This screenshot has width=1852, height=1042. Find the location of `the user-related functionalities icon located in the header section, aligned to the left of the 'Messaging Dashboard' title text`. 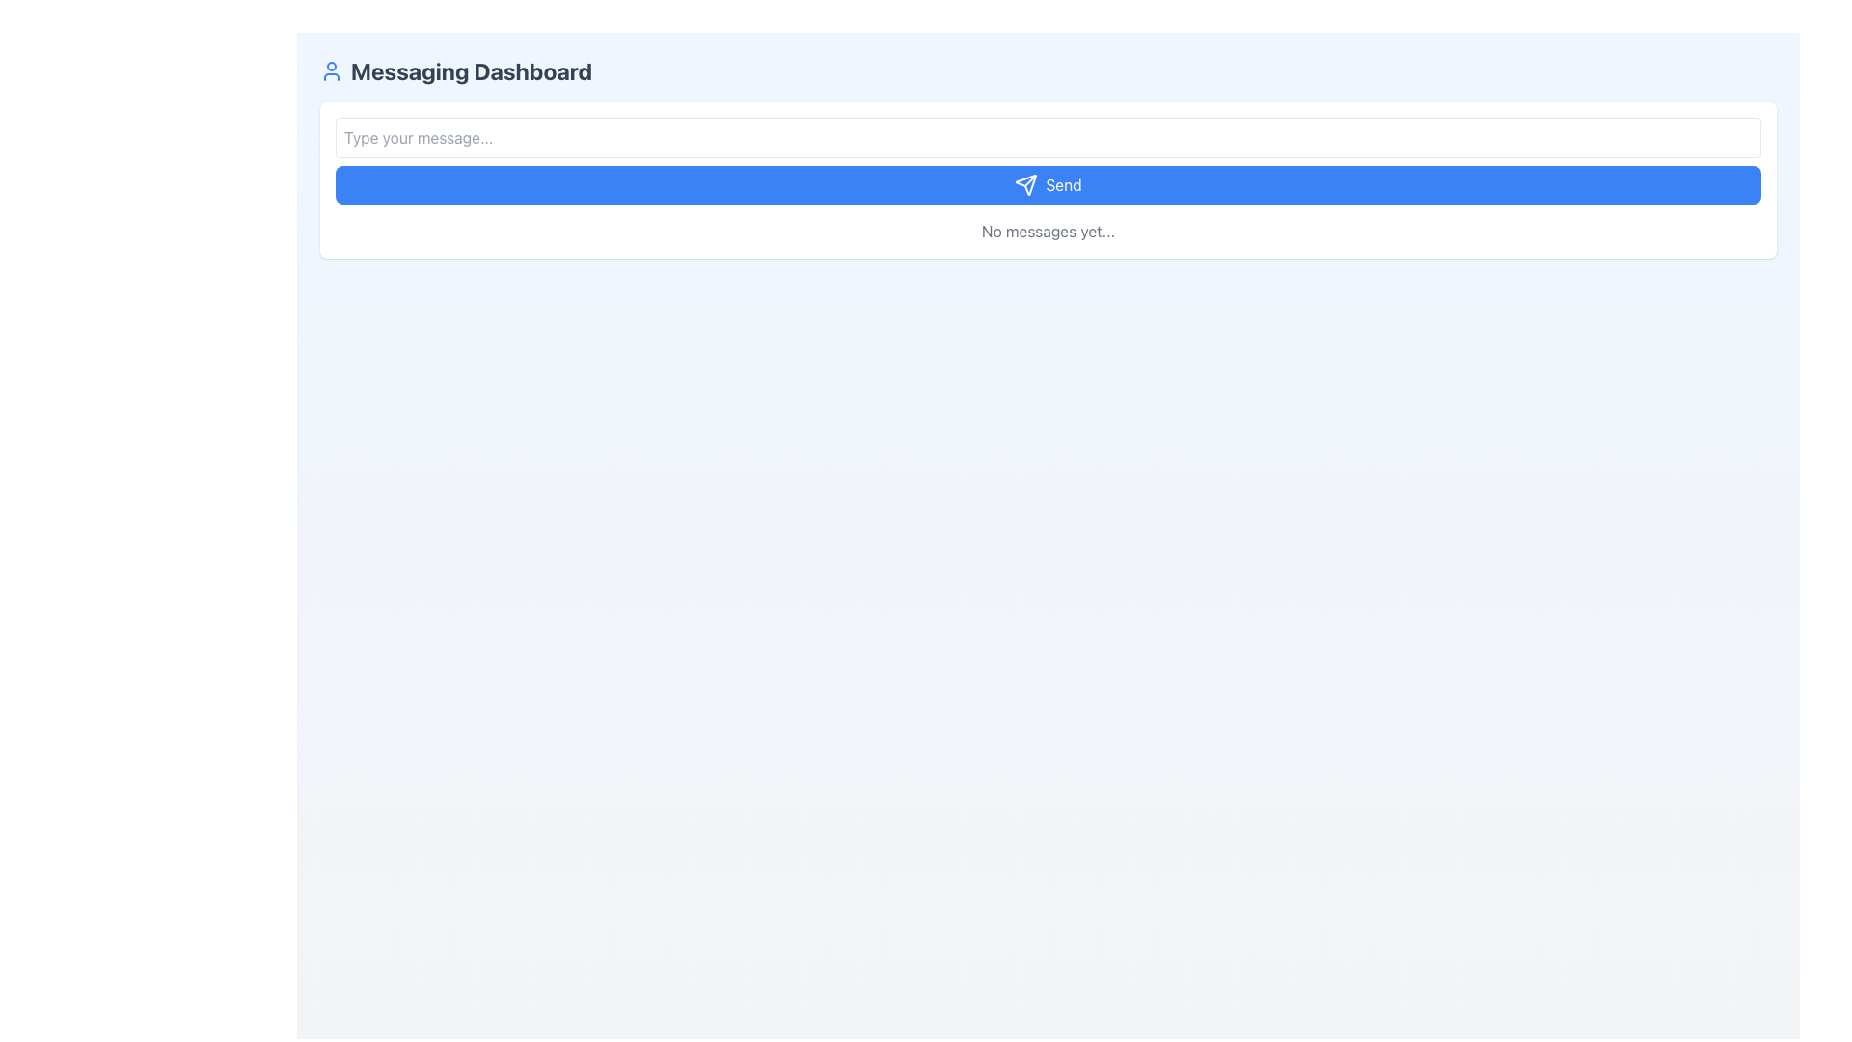

the user-related functionalities icon located in the header section, aligned to the left of the 'Messaging Dashboard' title text is located at coordinates (332, 69).